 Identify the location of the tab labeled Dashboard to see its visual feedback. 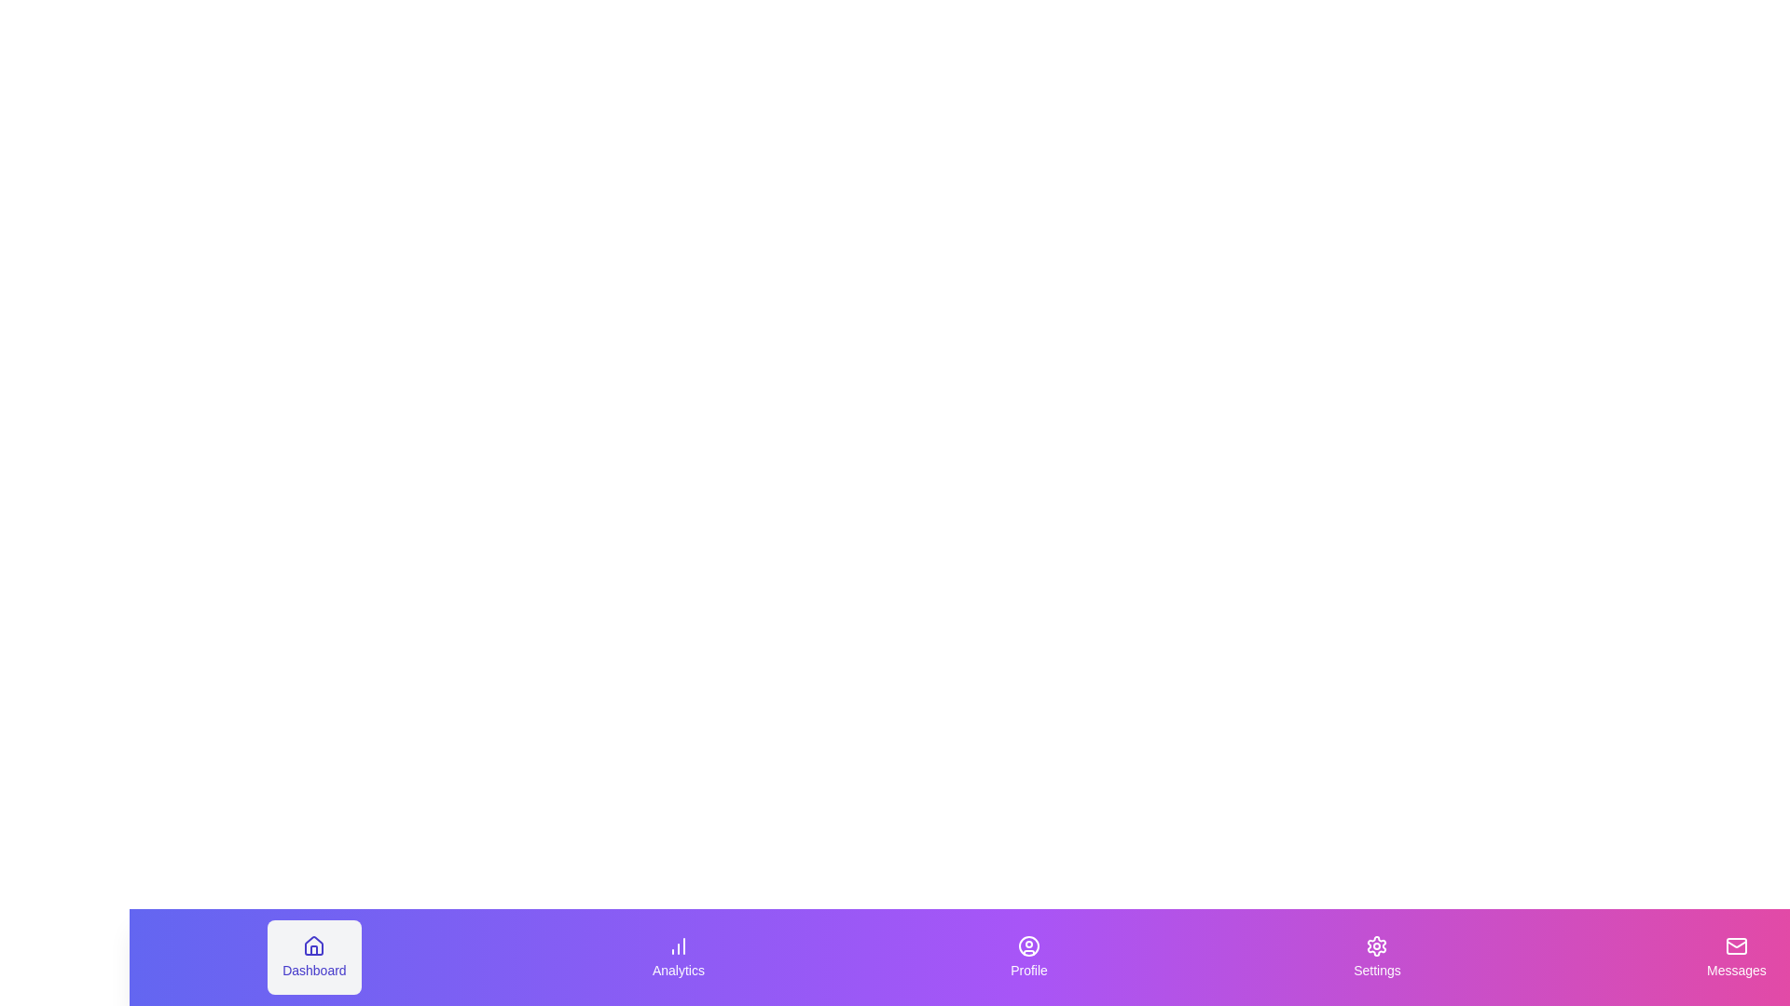
(313, 958).